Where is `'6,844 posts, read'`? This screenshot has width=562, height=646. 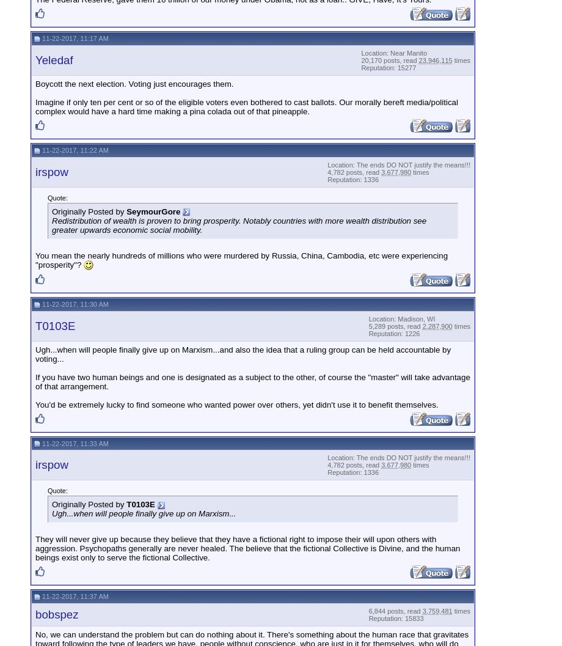 '6,844 posts, read' is located at coordinates (395, 609).